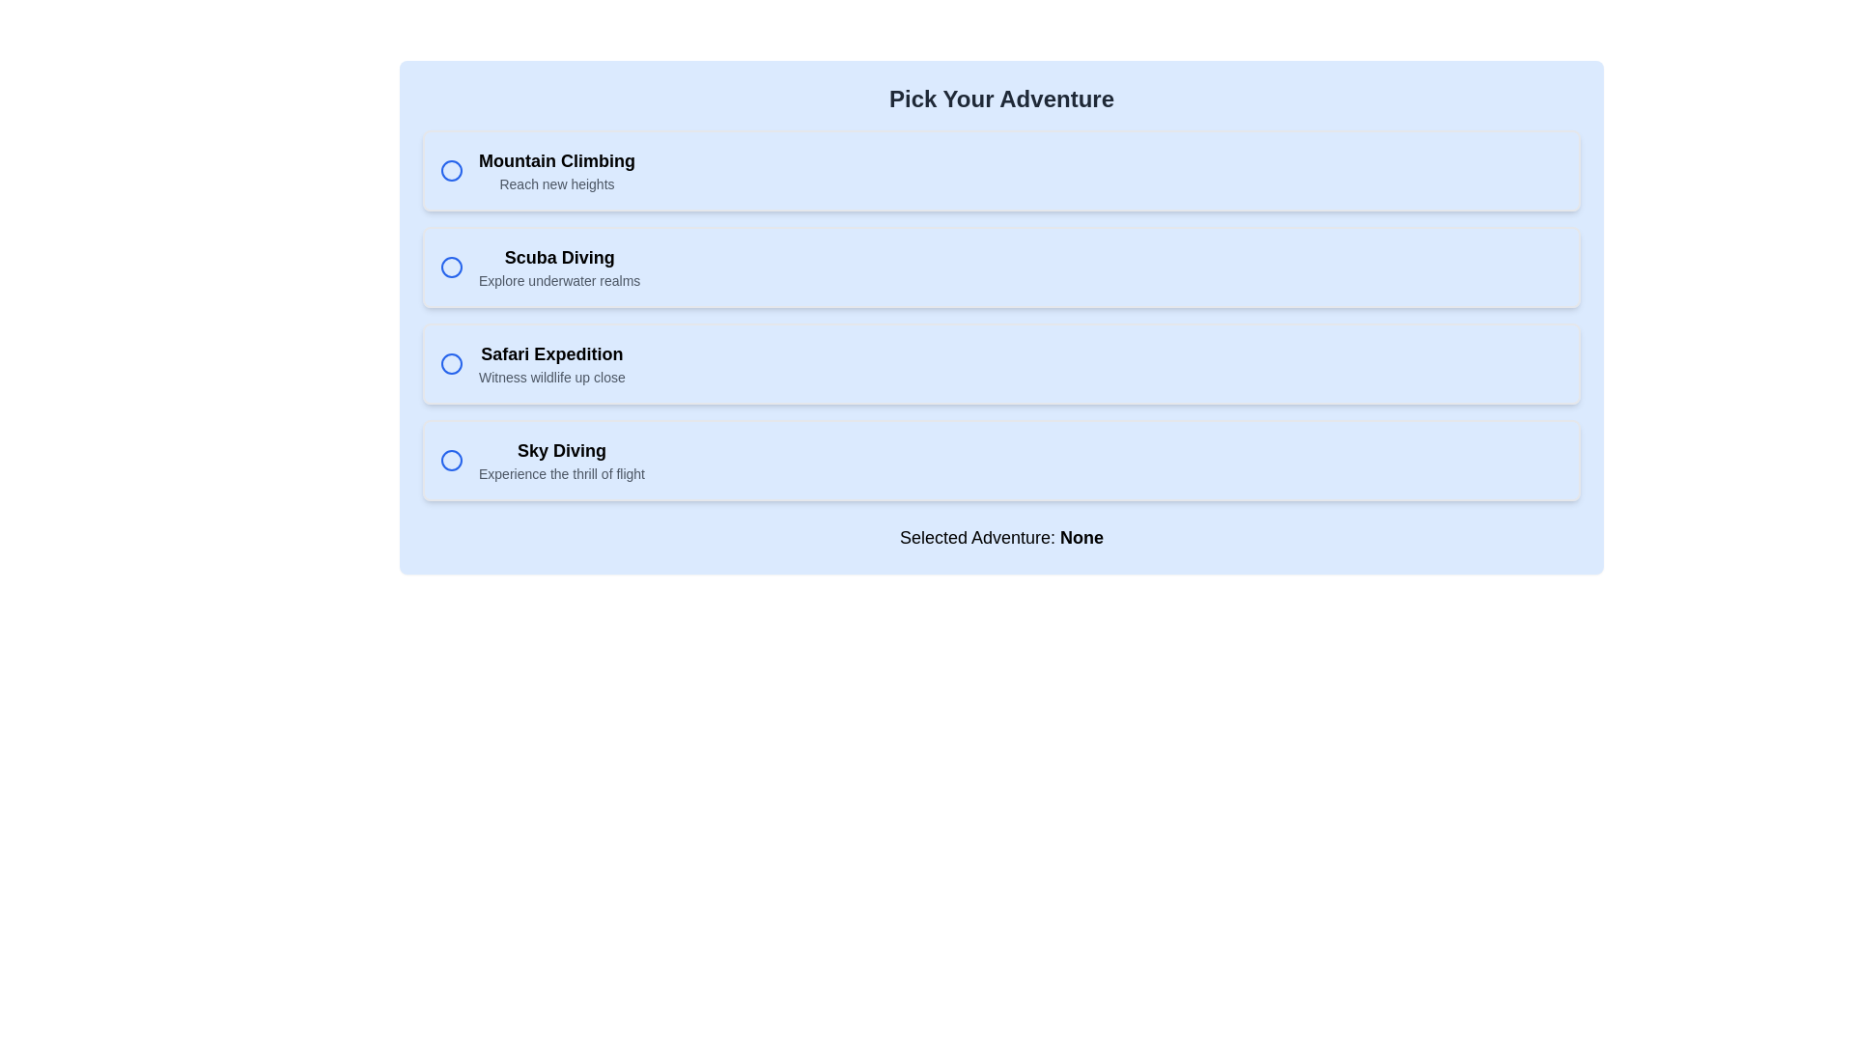 The width and height of the screenshot is (1854, 1043). What do you see at coordinates (450, 461) in the screenshot?
I see `the central circular component of the fourth selectable option labeled 'Sky Diving'` at bounding box center [450, 461].